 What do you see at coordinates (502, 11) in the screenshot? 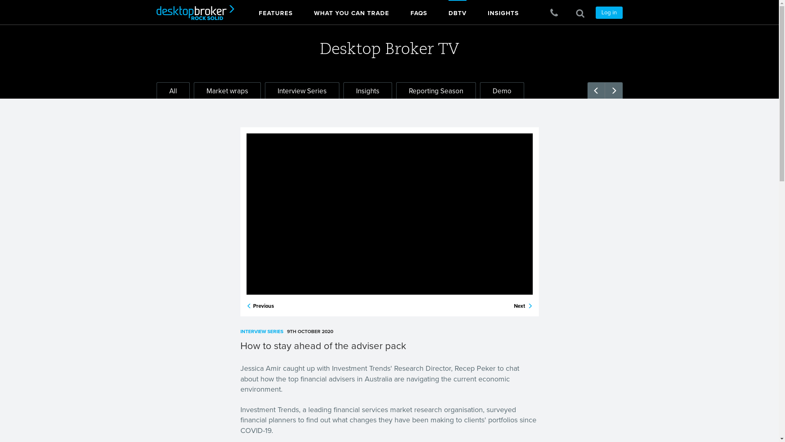
I see `'INSIGHTS'` at bounding box center [502, 11].